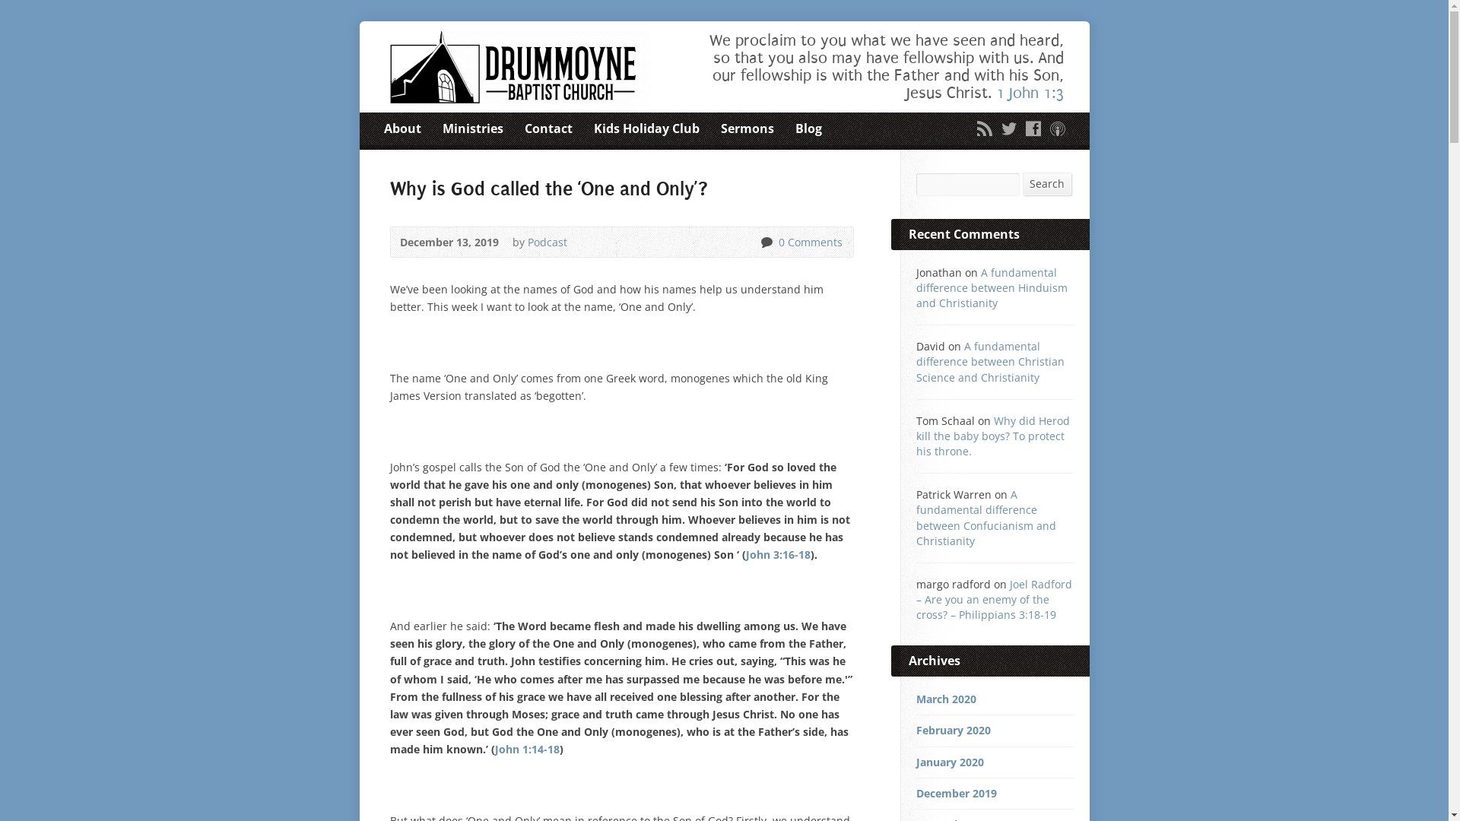 The height and width of the screenshot is (821, 1460). What do you see at coordinates (915, 287) in the screenshot?
I see `'A fundamental difference between Hinduism and Christianity'` at bounding box center [915, 287].